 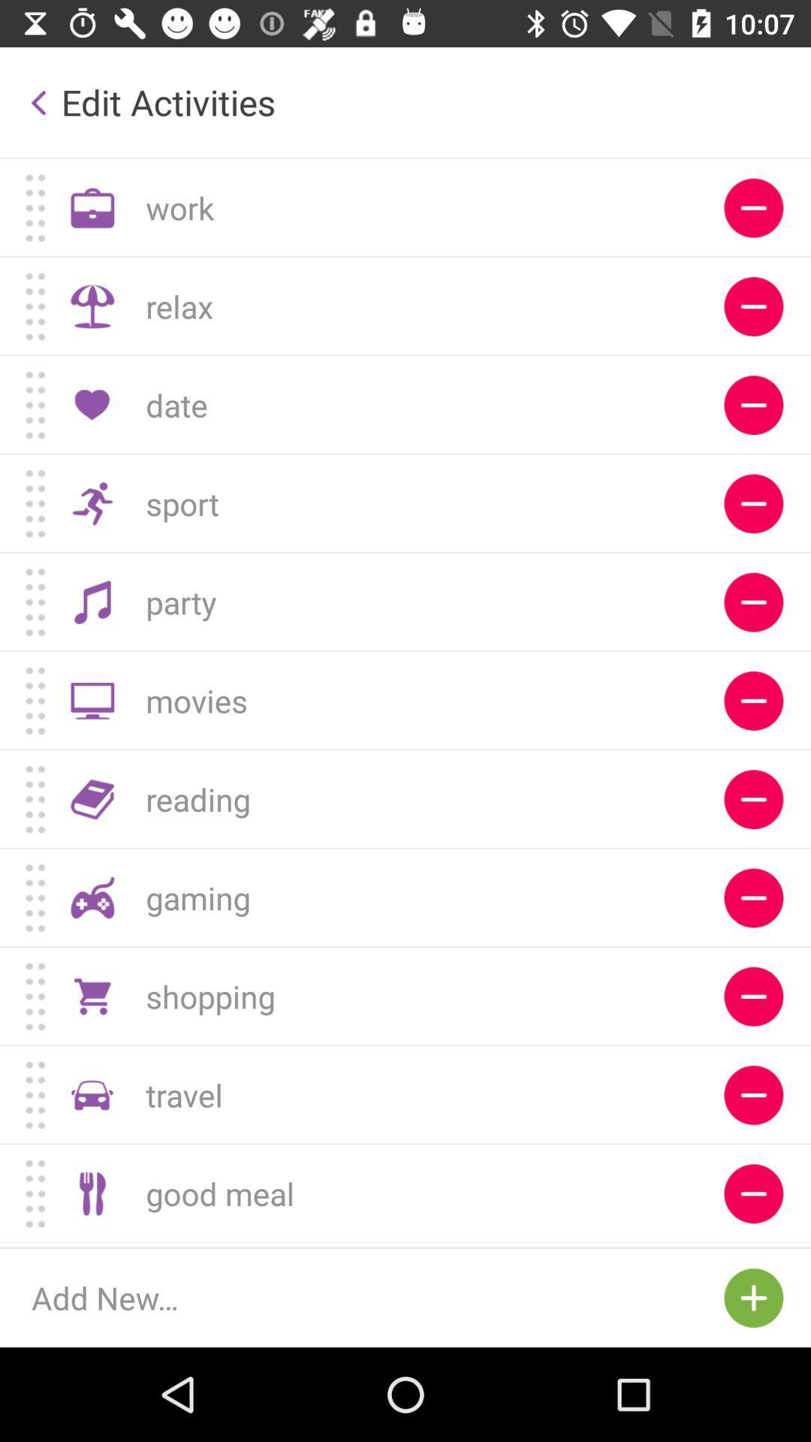 I want to click on the icon which is left side of the gaming, so click(x=92, y=897).